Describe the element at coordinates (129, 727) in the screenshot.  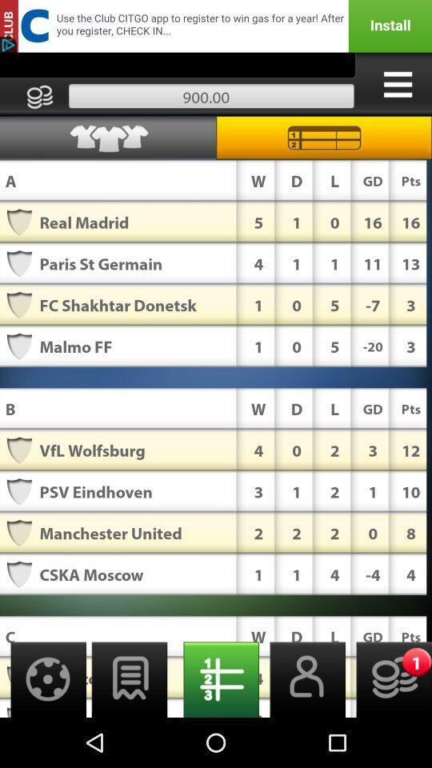
I see `the chat icon` at that location.